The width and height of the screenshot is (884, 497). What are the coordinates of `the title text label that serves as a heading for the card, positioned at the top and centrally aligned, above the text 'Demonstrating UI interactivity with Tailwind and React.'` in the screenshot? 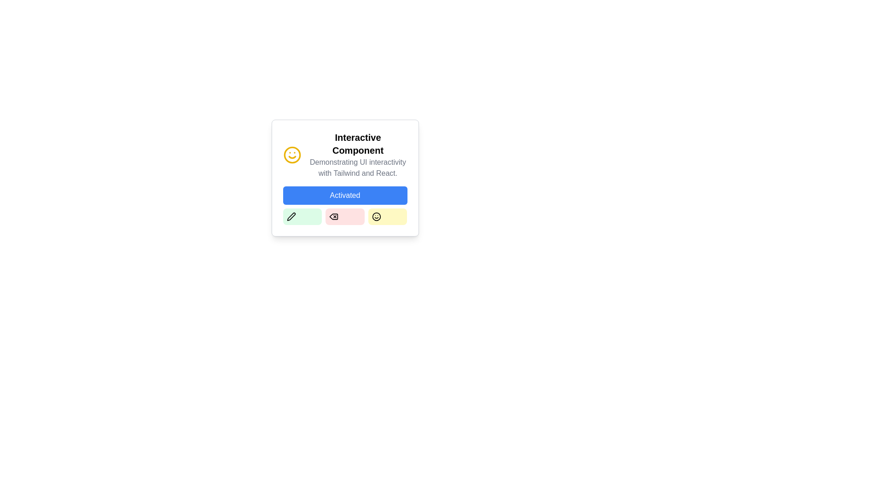 It's located at (357, 144).